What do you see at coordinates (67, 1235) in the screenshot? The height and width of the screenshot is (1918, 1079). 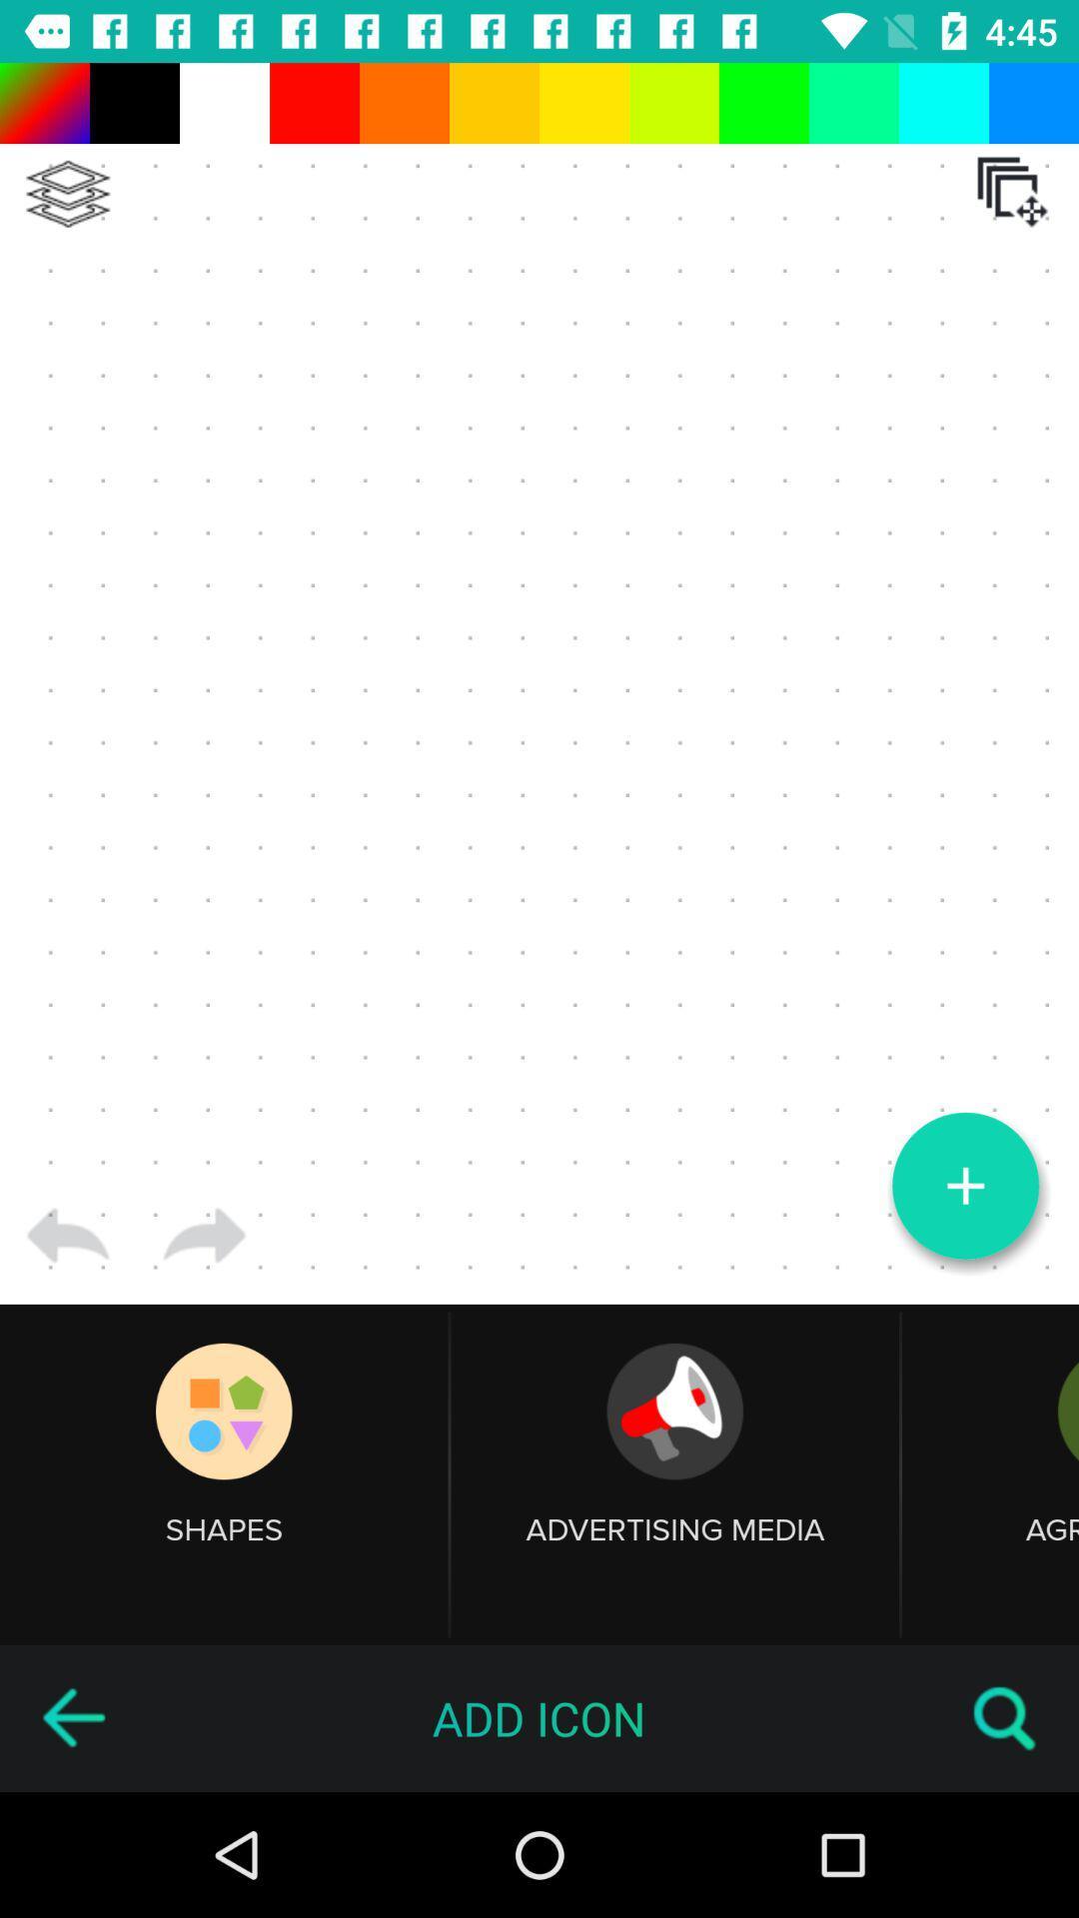 I see `go back` at bounding box center [67, 1235].